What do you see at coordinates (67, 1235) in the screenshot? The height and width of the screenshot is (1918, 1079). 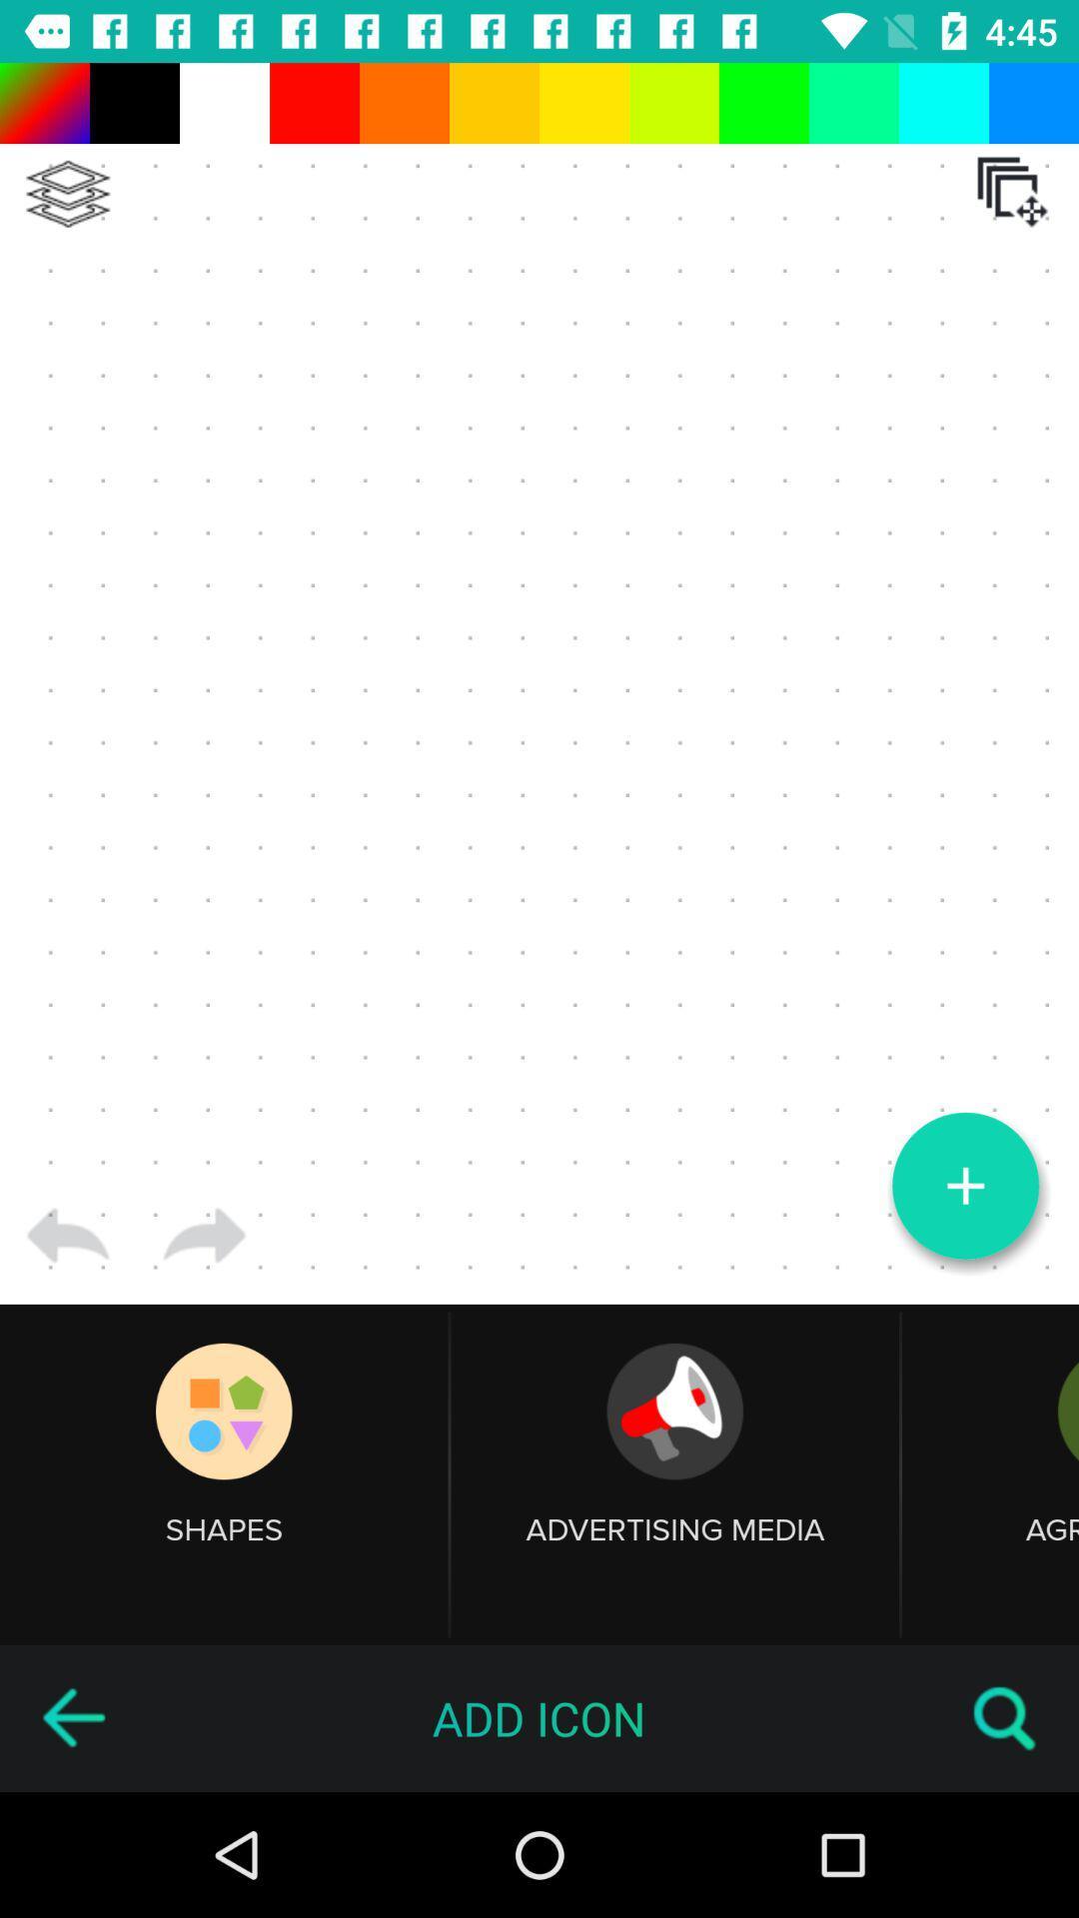 I see `go back` at bounding box center [67, 1235].